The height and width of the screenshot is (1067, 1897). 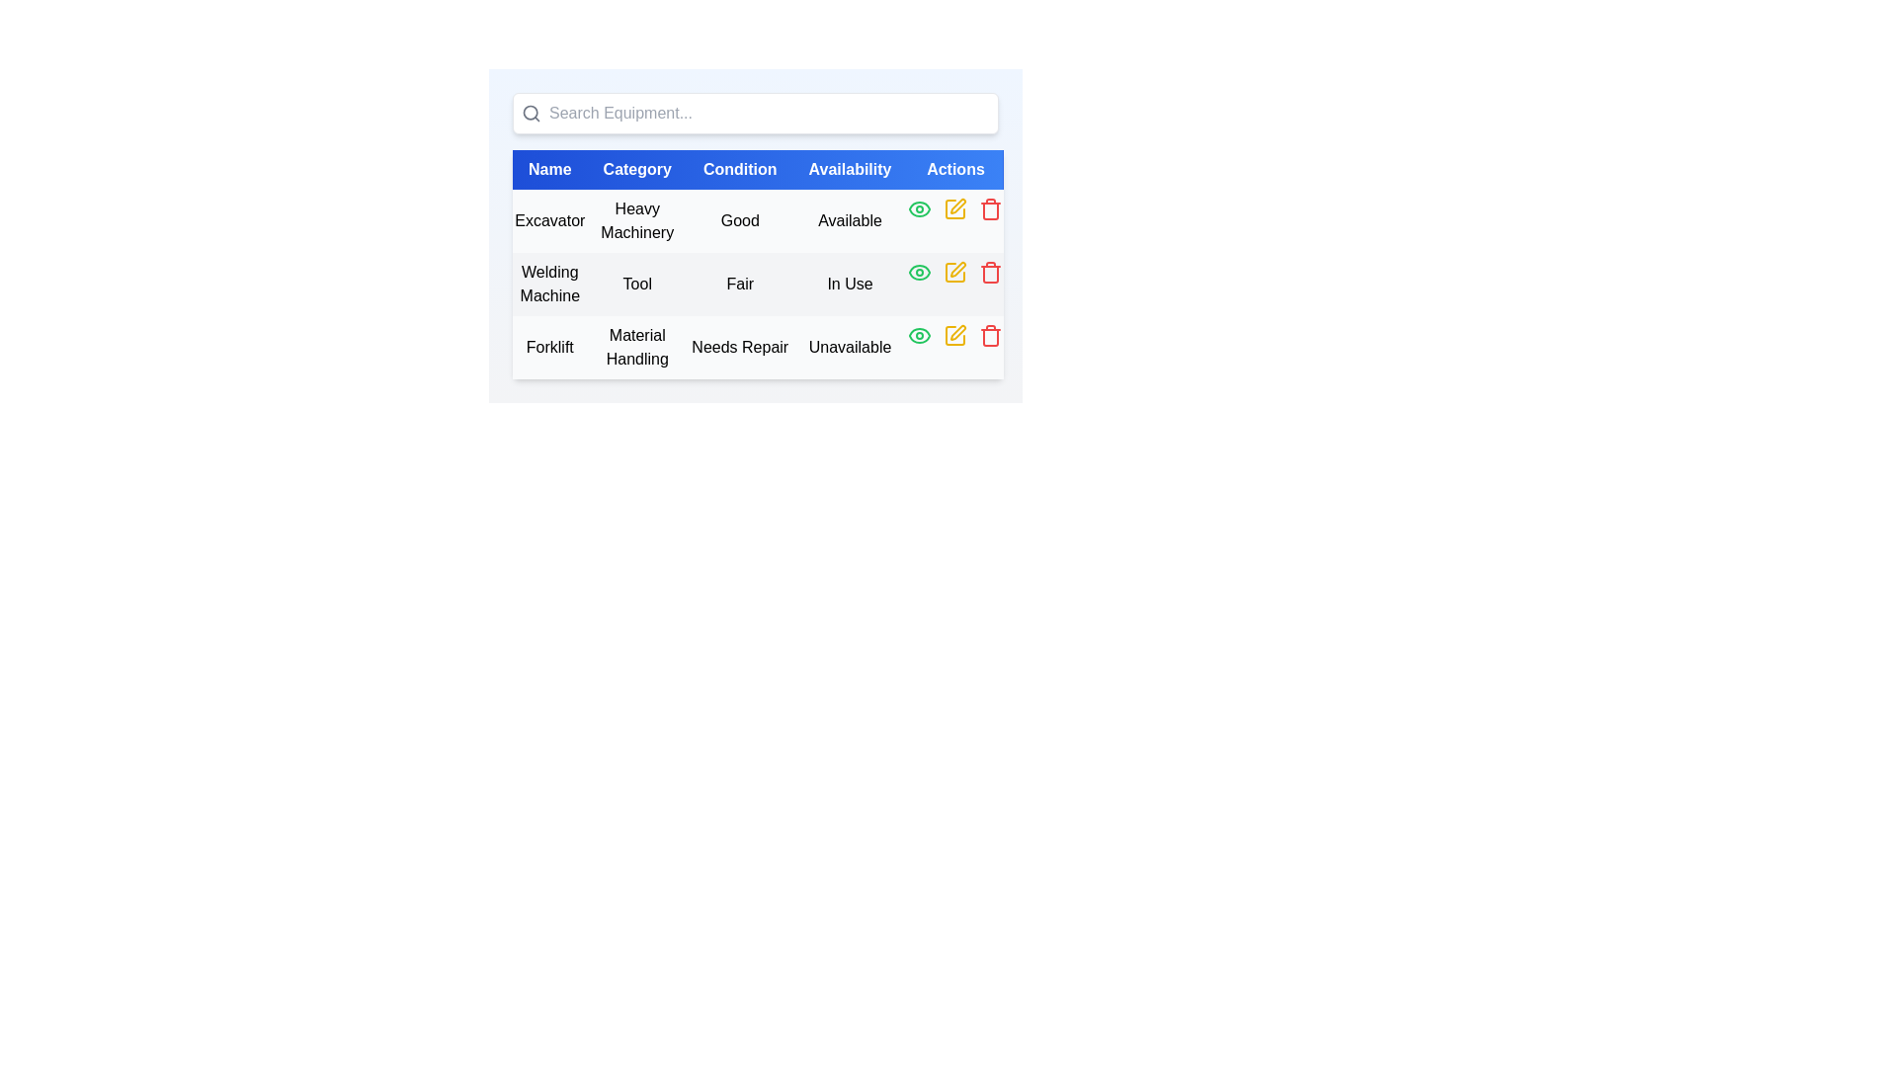 What do you see at coordinates (549, 285) in the screenshot?
I see `the text block displaying 'Welding Machine', which is located in the first column of the second row of the table, directly below the header 'Name'` at bounding box center [549, 285].